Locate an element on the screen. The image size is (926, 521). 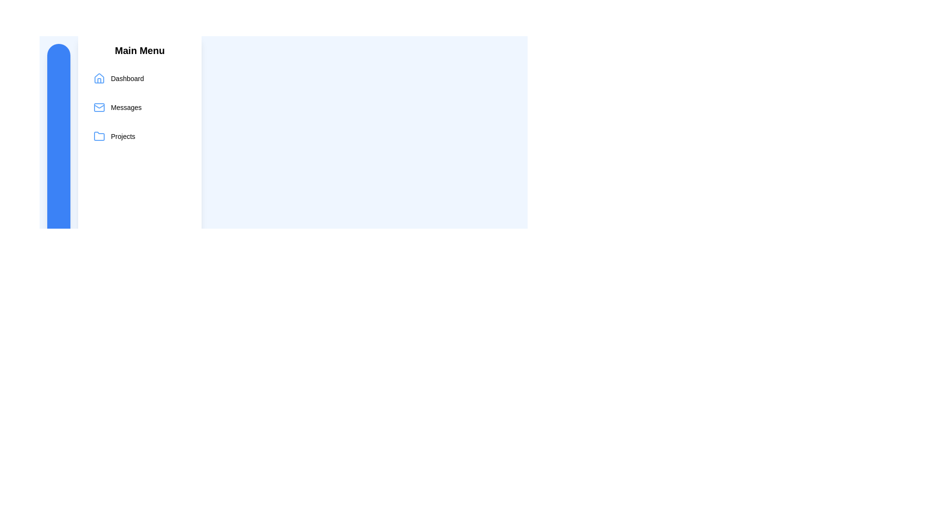
the menu item Dashboard in the drawer is located at coordinates (139, 78).